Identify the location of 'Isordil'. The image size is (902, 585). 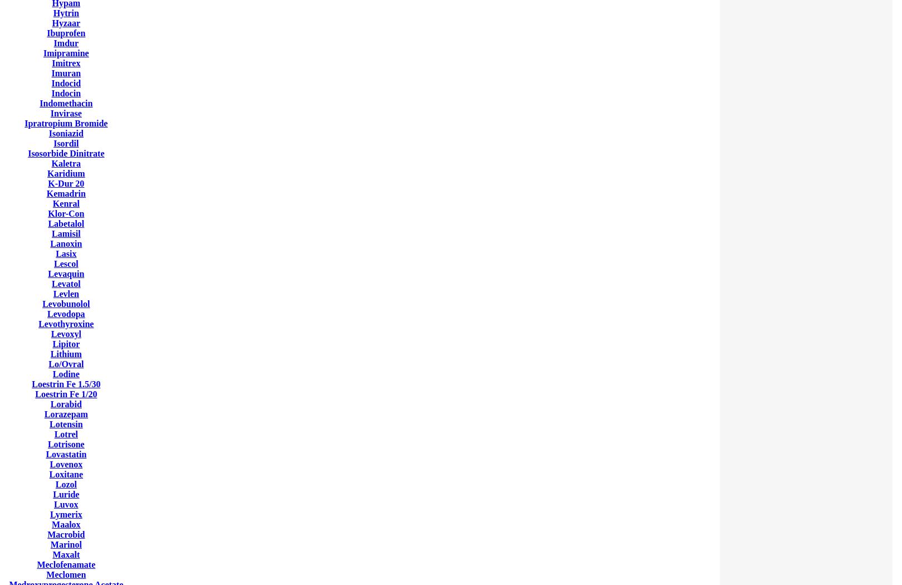
(66, 143).